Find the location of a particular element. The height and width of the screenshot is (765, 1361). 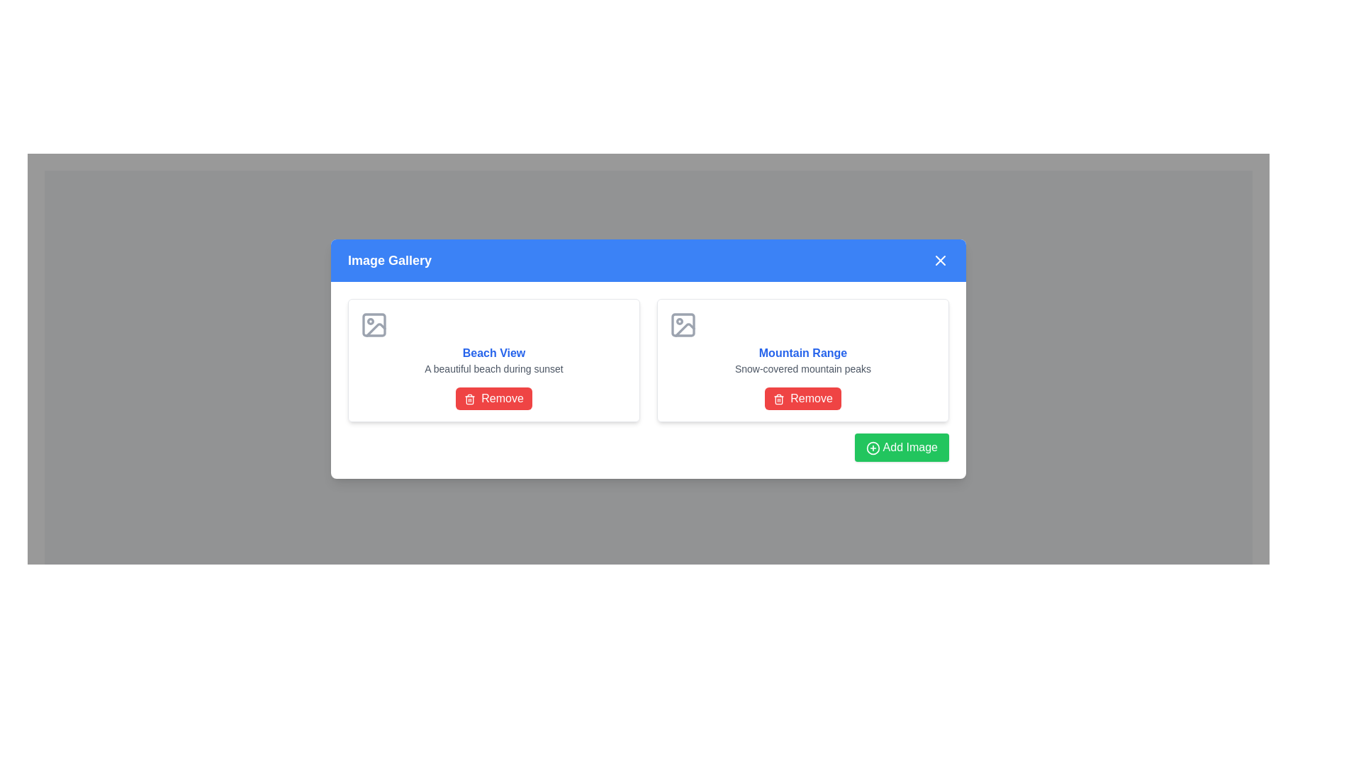

the 'Add Image' button located at the bottom-right corner of the 'Image Gallery' dialog box is located at coordinates (901, 448).